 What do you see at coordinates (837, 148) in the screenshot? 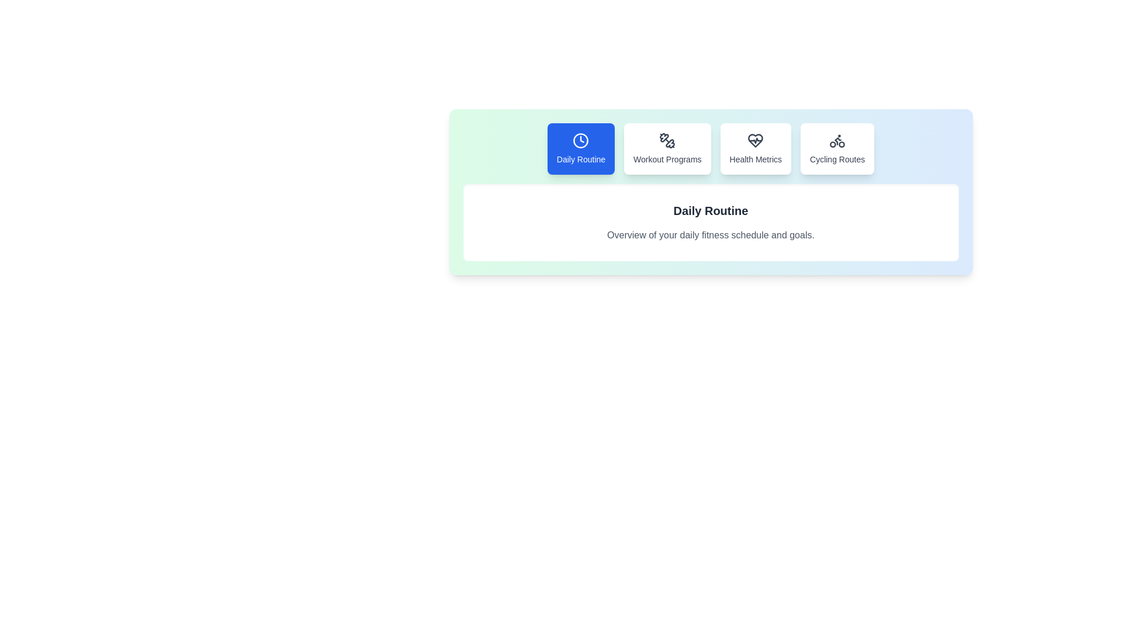
I see `the tab button labeled Cycling Routes` at bounding box center [837, 148].